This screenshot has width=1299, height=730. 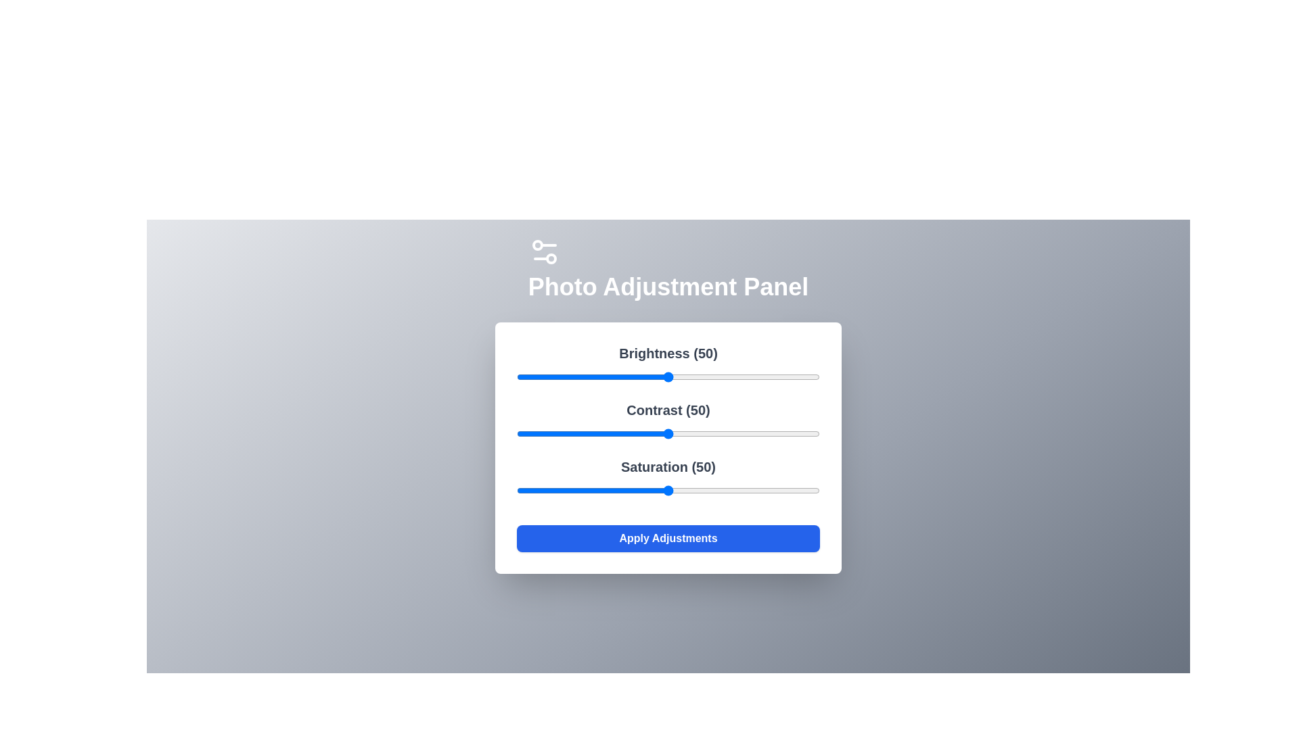 What do you see at coordinates (589, 377) in the screenshot?
I see `the 0 slider to 24` at bounding box center [589, 377].